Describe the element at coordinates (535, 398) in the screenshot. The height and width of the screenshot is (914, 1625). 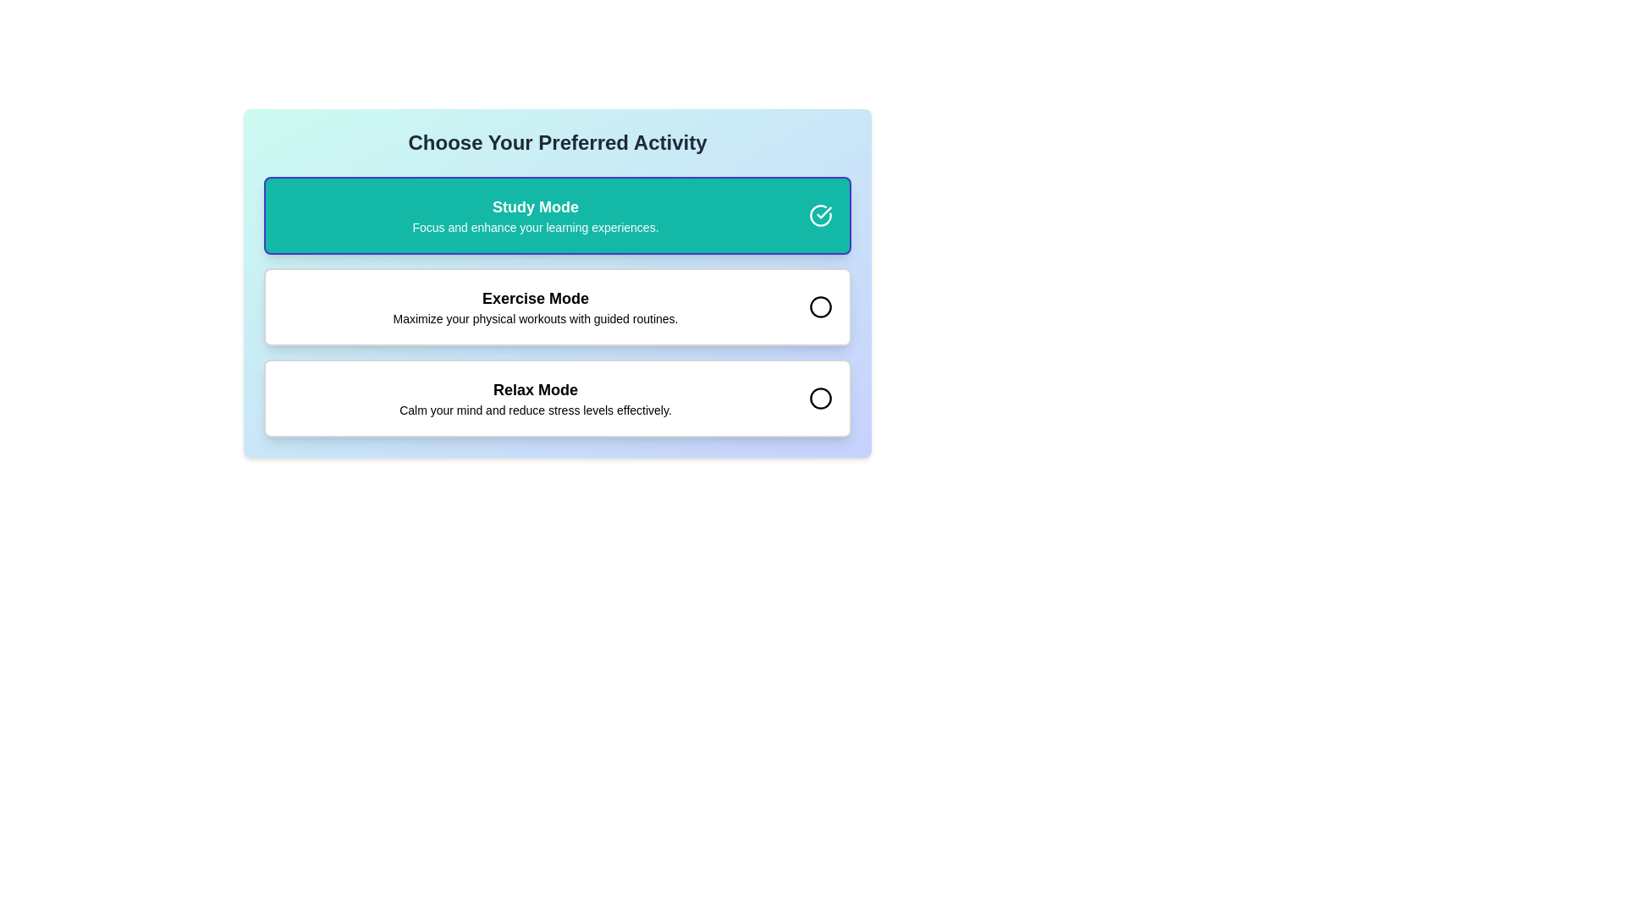
I see `the text block titled 'Relax Mode' which contains the description 'Calm your mind and reduce stress levels effectively.' This element is the third option in a vertical list of activities` at that location.